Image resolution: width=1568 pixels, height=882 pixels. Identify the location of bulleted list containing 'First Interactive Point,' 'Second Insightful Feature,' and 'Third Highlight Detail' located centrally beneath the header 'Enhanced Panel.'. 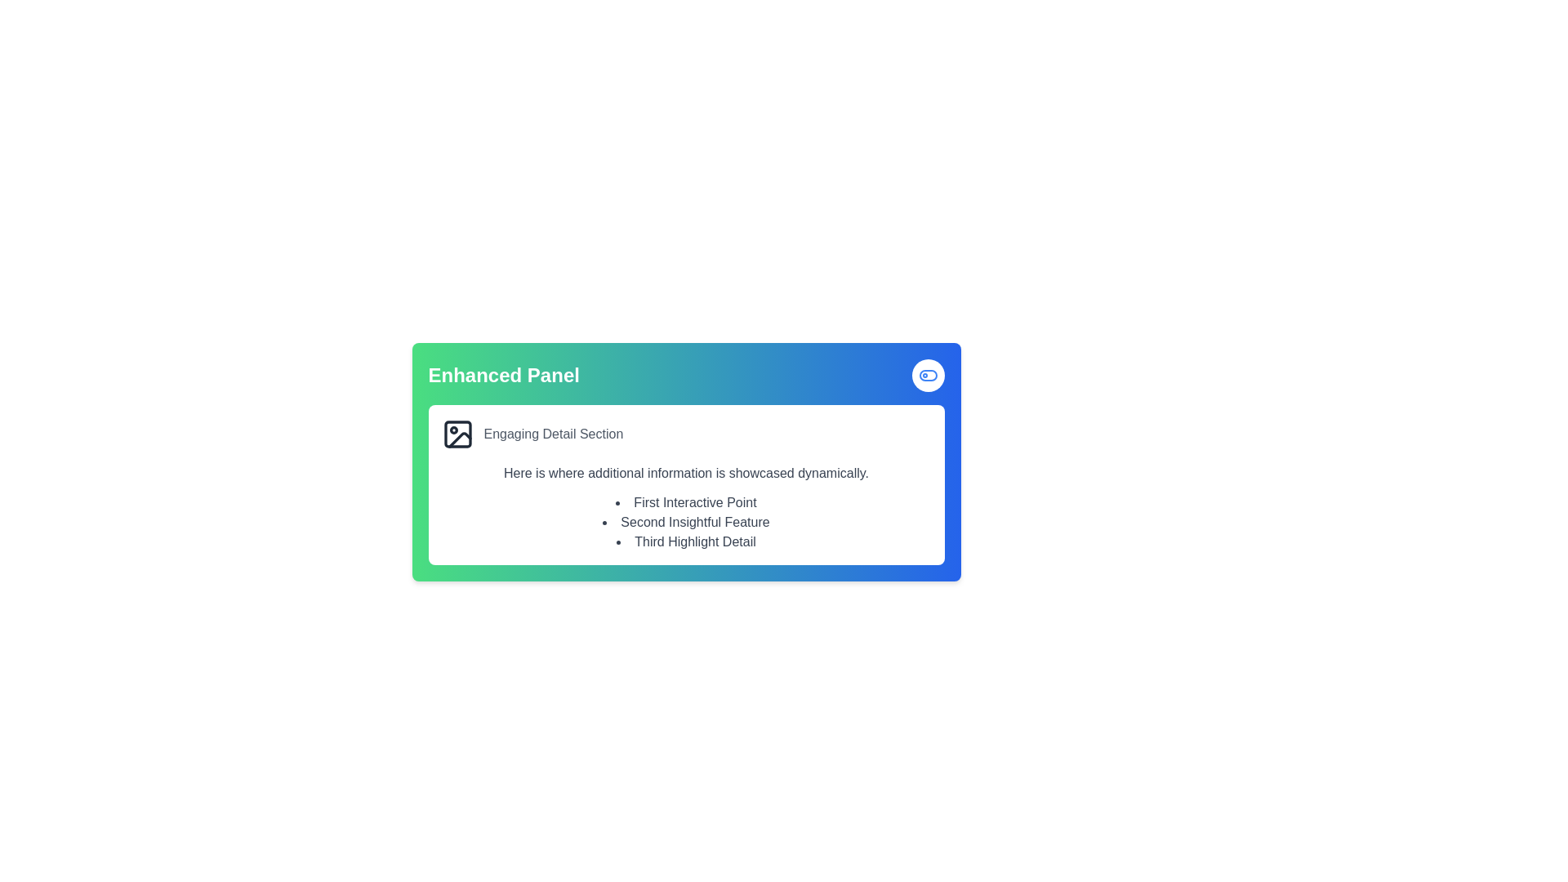
(686, 523).